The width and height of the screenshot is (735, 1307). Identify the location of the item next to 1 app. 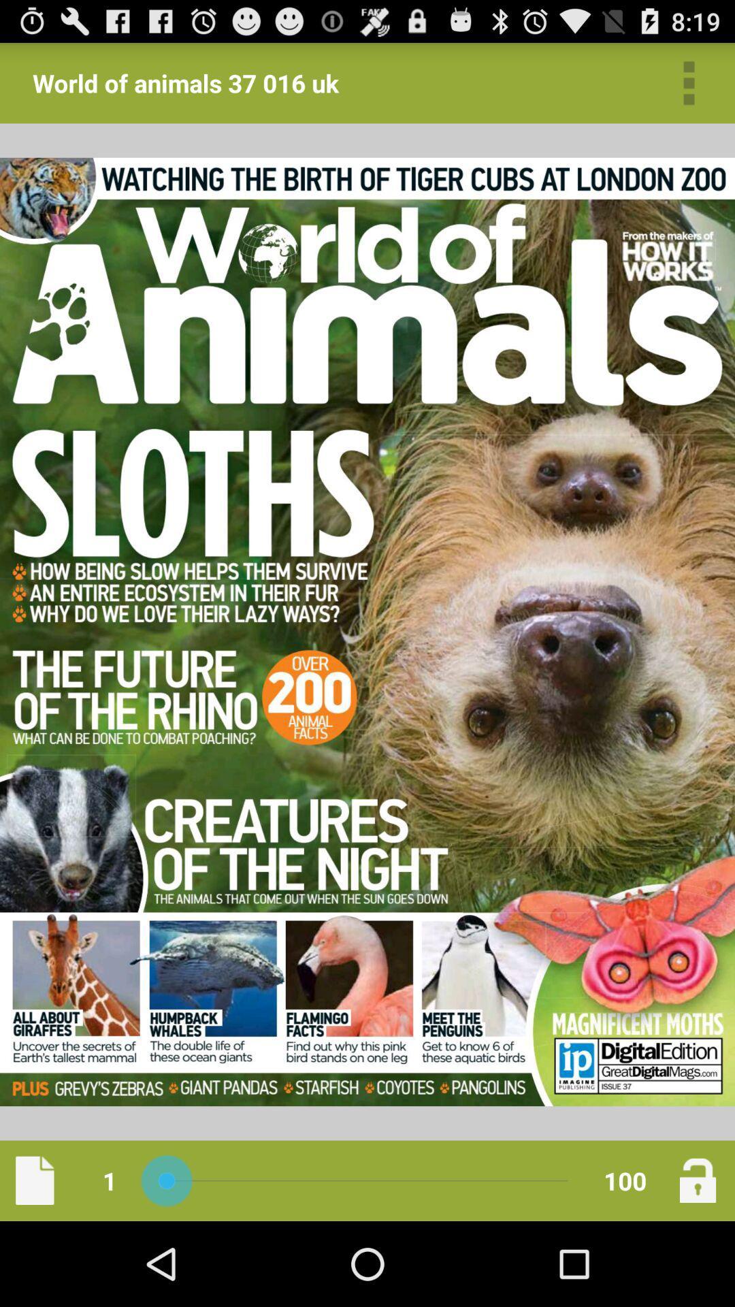
(34, 1180).